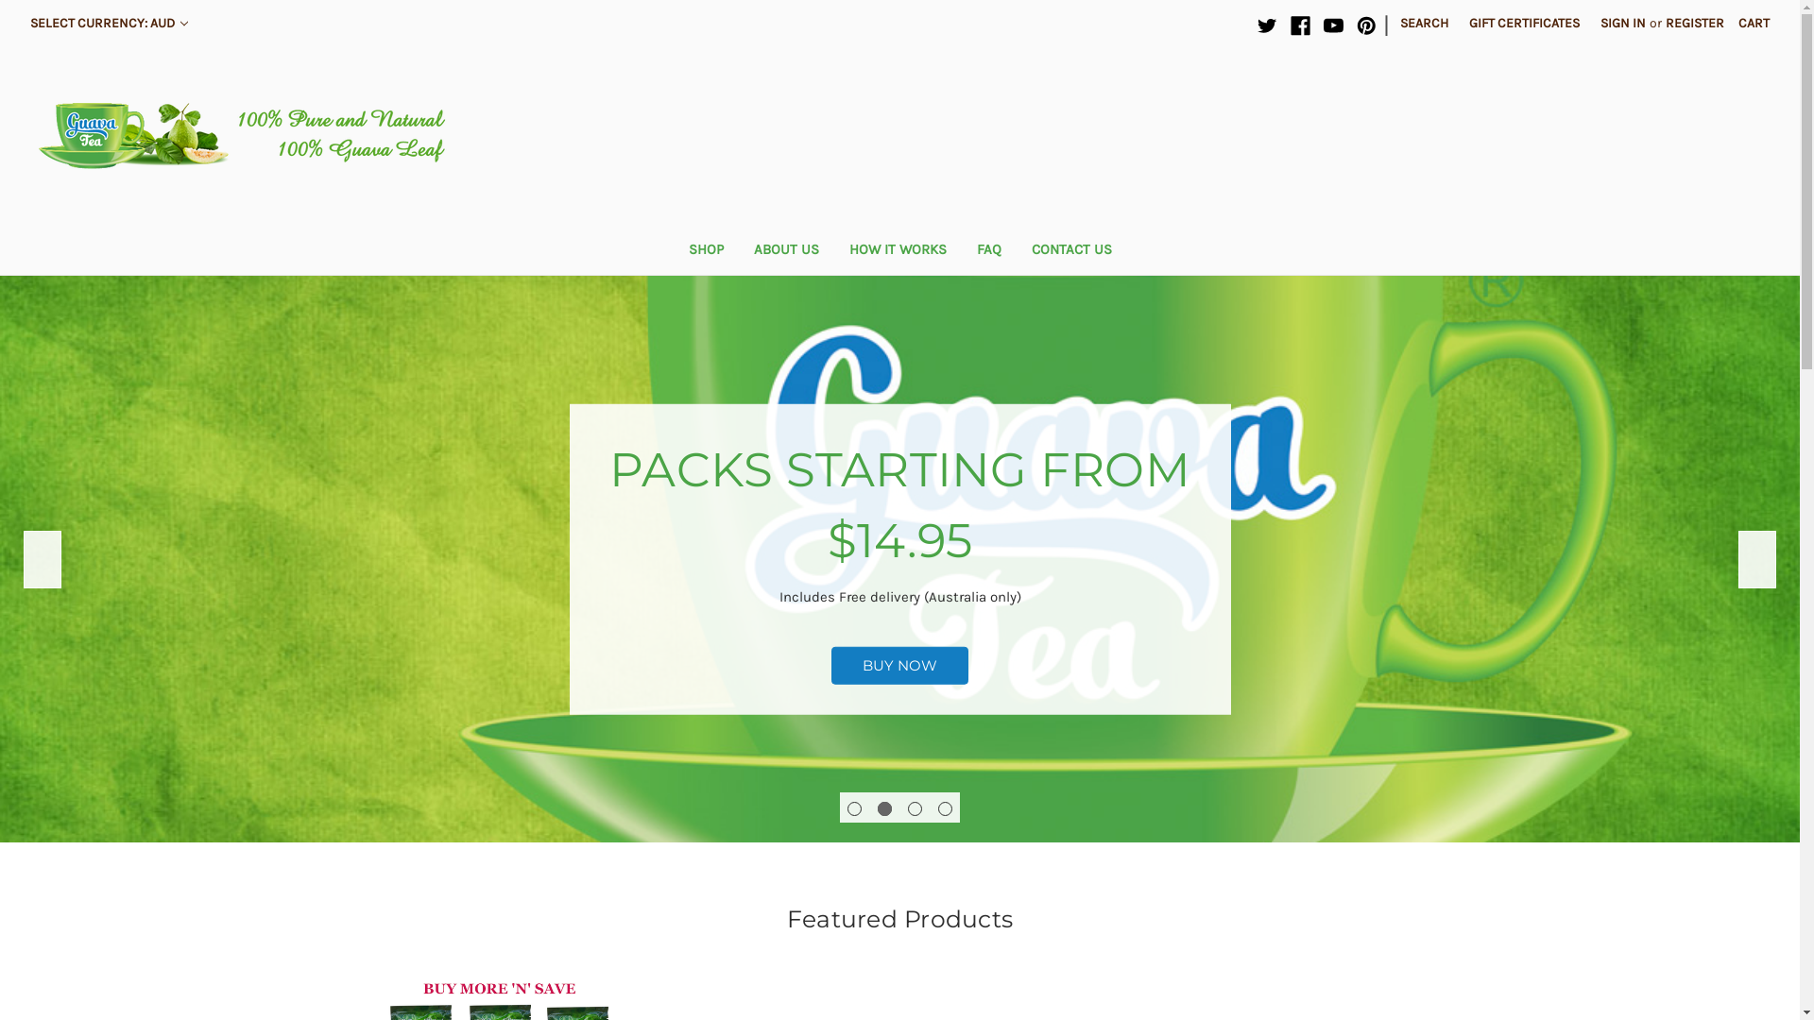  Describe the element at coordinates (1524, 23) in the screenshot. I see `'GIFT CERTIFICATES'` at that location.